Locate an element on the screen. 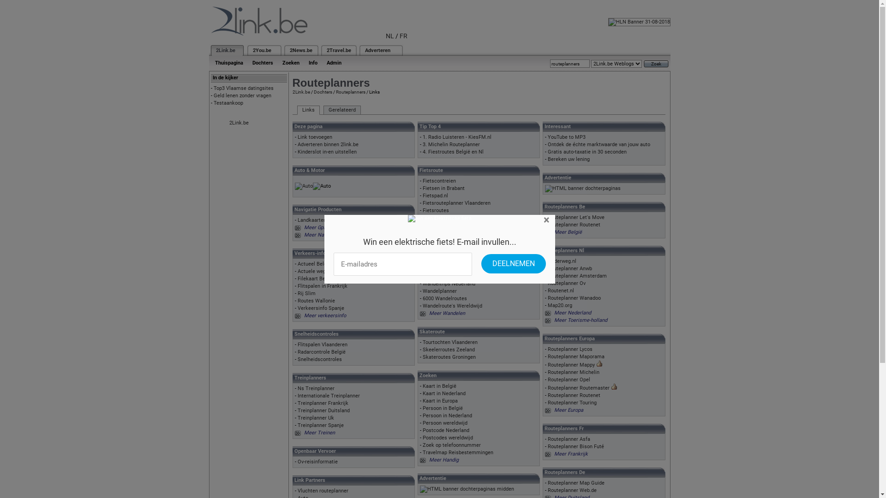 This screenshot has width=886, height=498. 'Tourtochten Vlaanderen' is located at coordinates (422, 342).